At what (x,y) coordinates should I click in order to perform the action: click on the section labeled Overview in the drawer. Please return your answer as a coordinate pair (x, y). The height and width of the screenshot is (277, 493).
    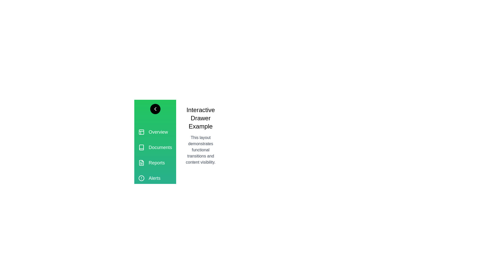
    Looking at the image, I should click on (155, 132).